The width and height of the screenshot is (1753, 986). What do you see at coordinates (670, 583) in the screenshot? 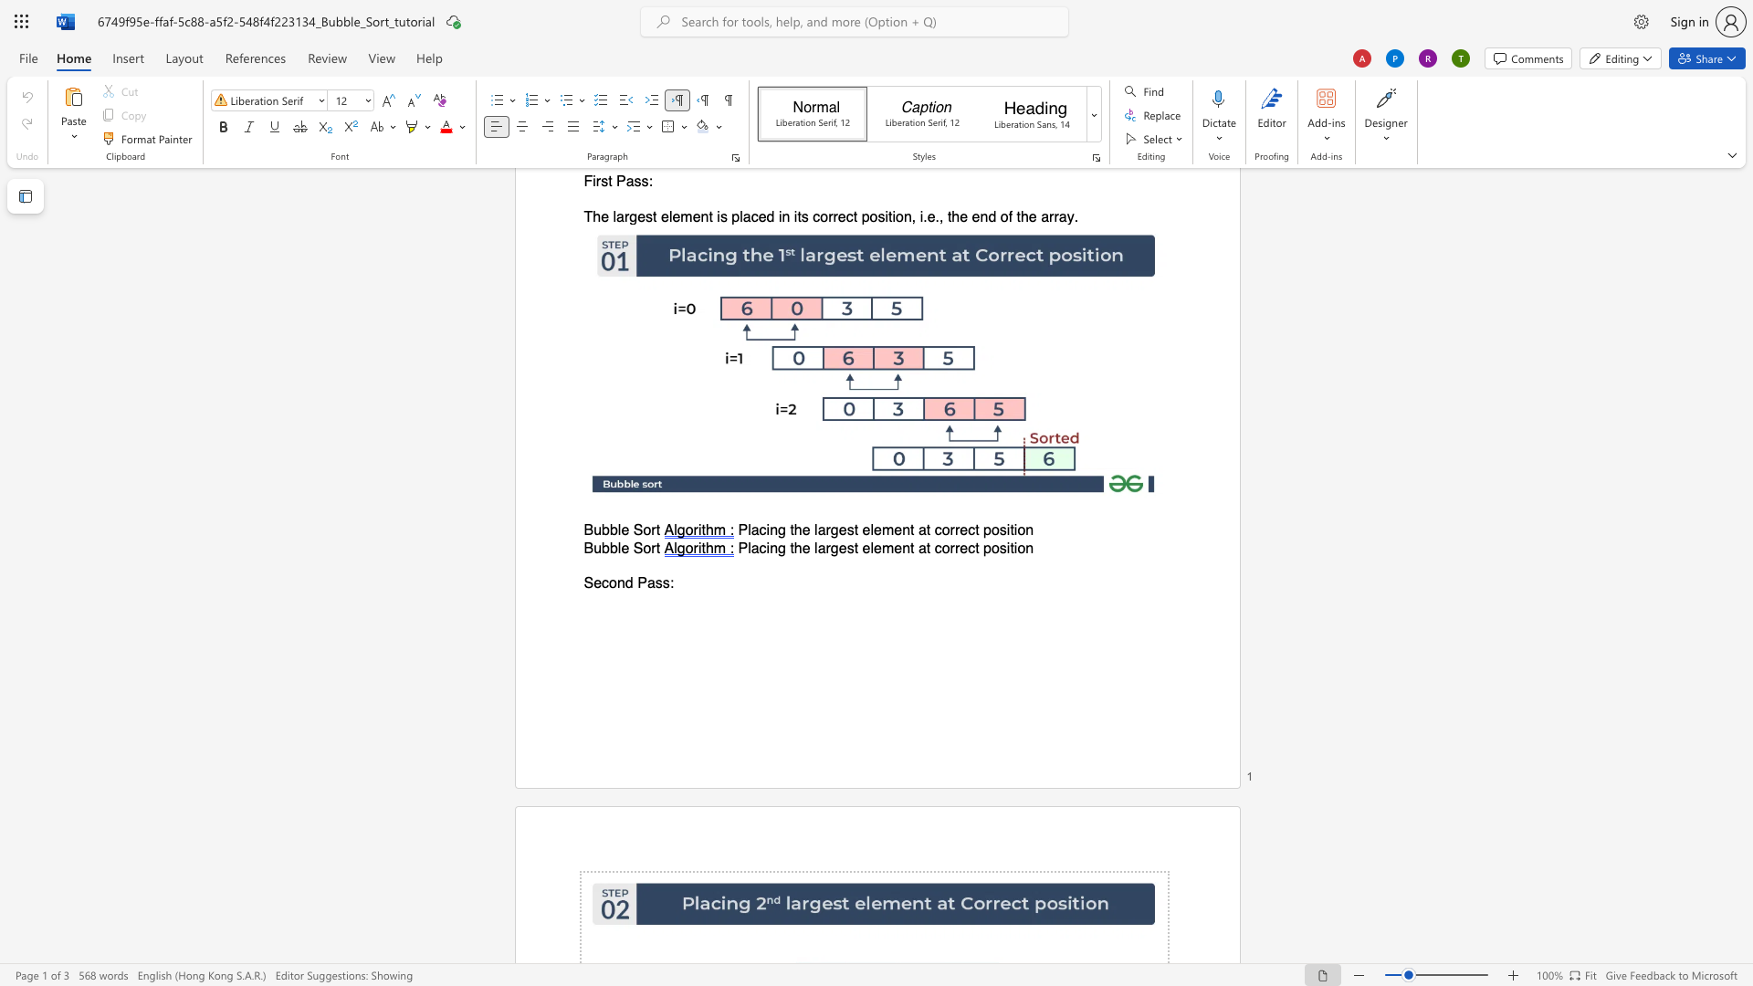
I see `the 1th character ":" in the text` at bounding box center [670, 583].